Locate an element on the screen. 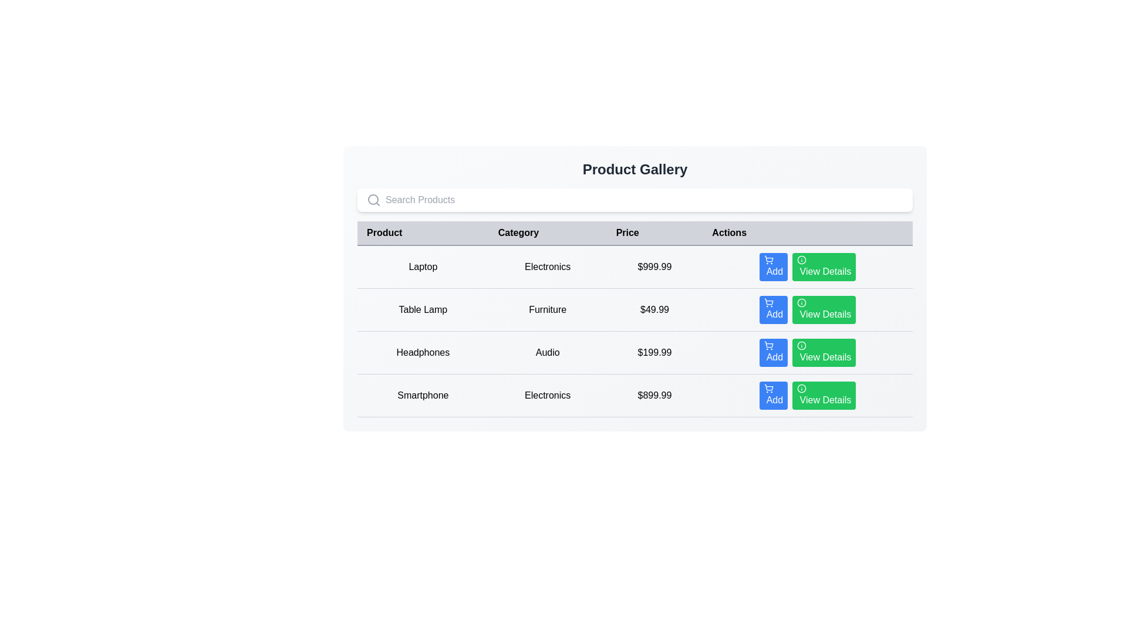 The image size is (1127, 634). the static text label indicating the product category for the 'Smartphone' entry in the table is located at coordinates (547, 396).